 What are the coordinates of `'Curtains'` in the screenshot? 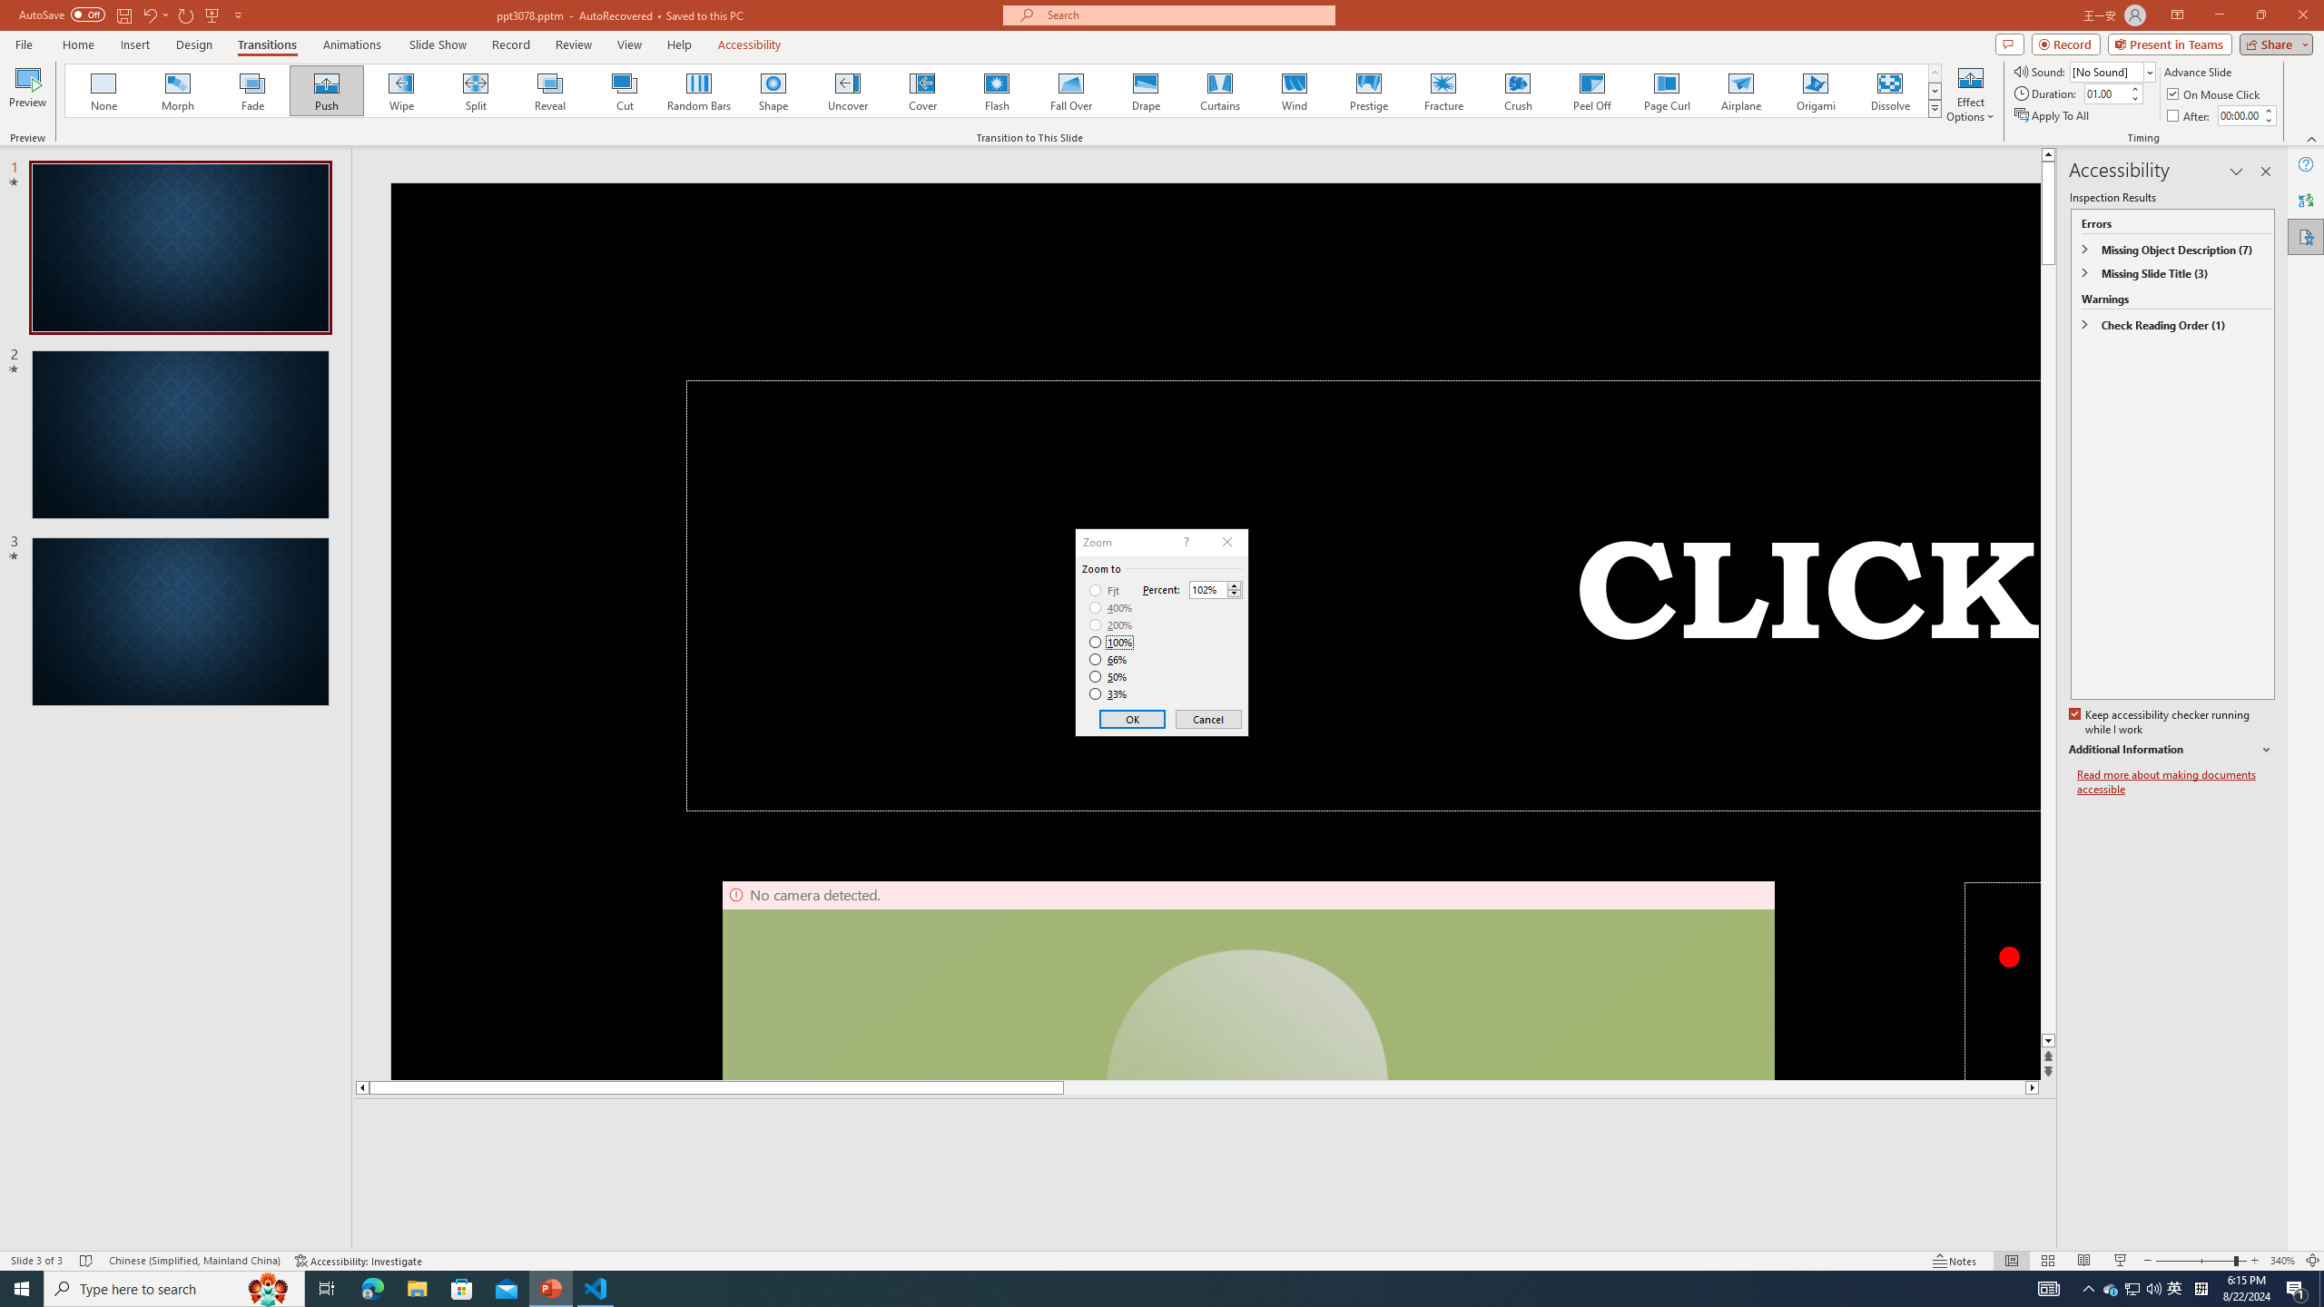 It's located at (1220, 90).